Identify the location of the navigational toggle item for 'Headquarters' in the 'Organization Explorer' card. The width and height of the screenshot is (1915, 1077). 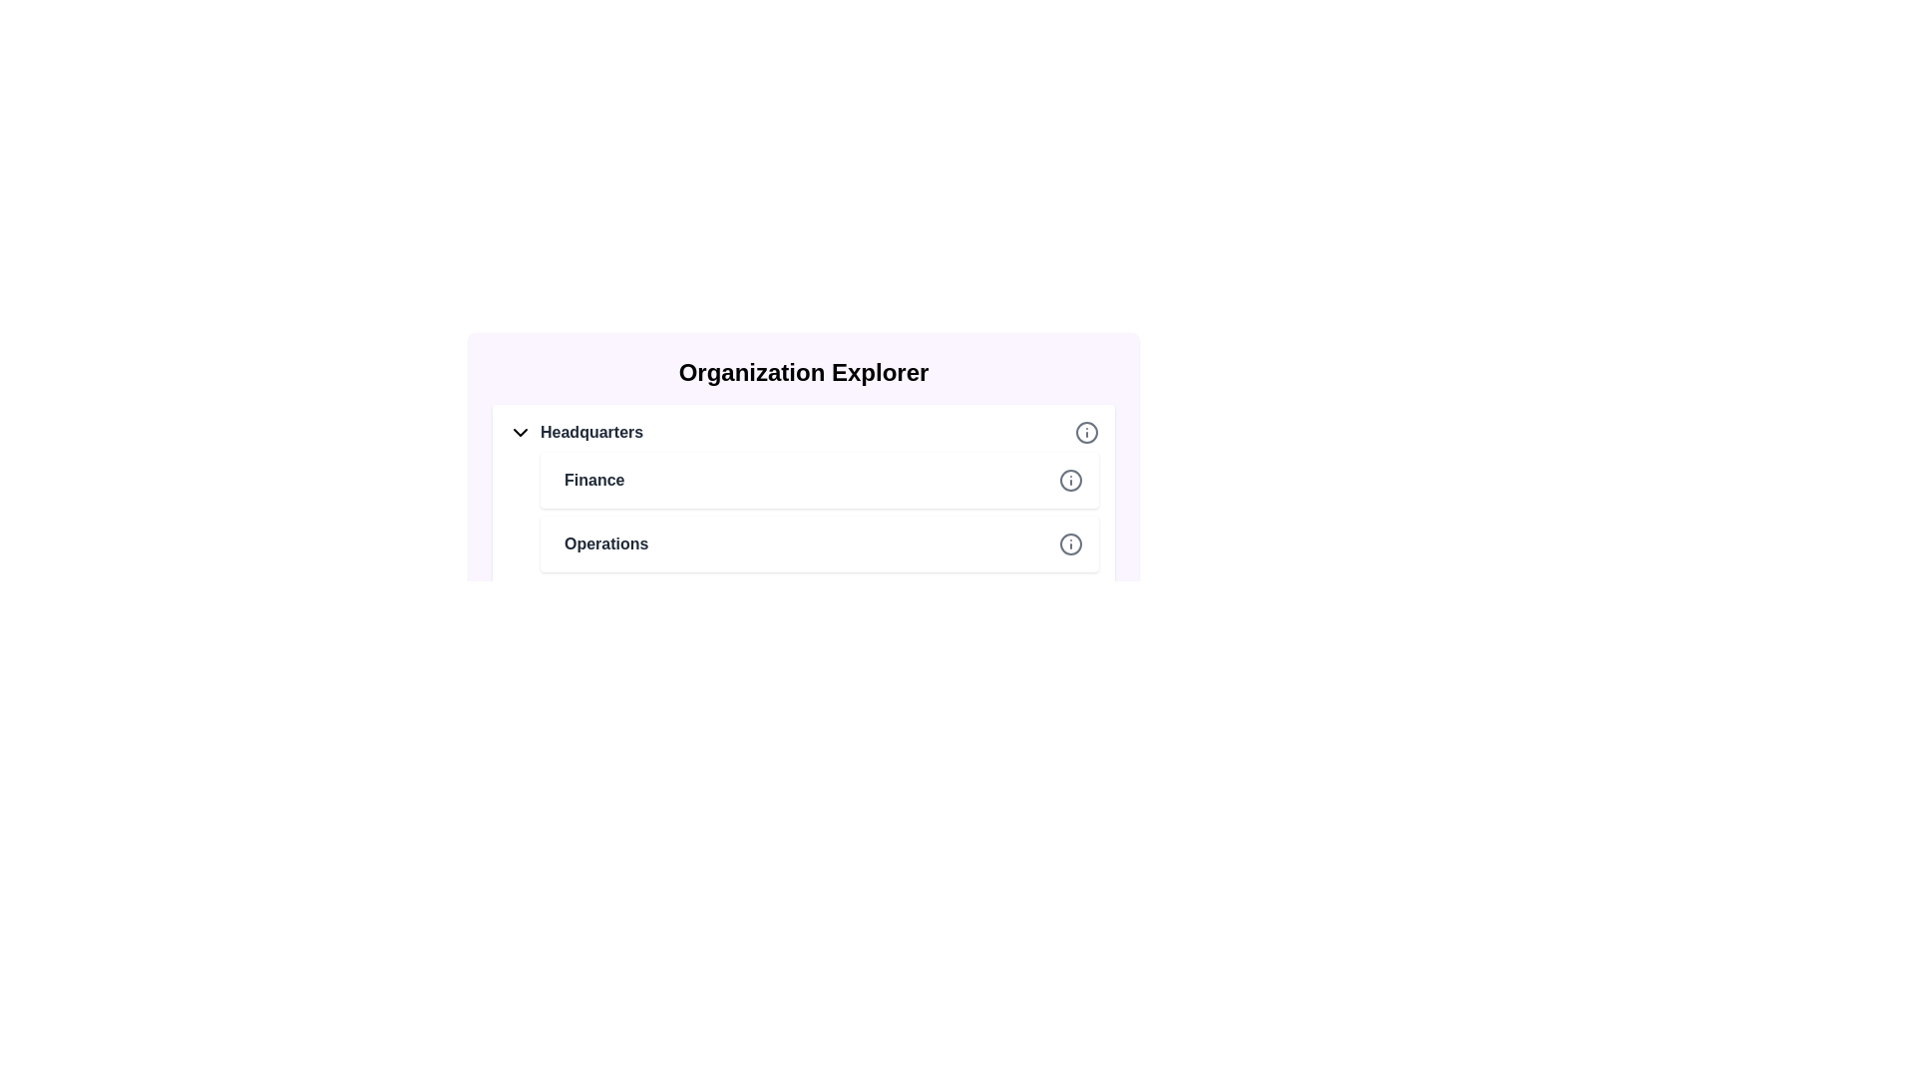
(804, 432).